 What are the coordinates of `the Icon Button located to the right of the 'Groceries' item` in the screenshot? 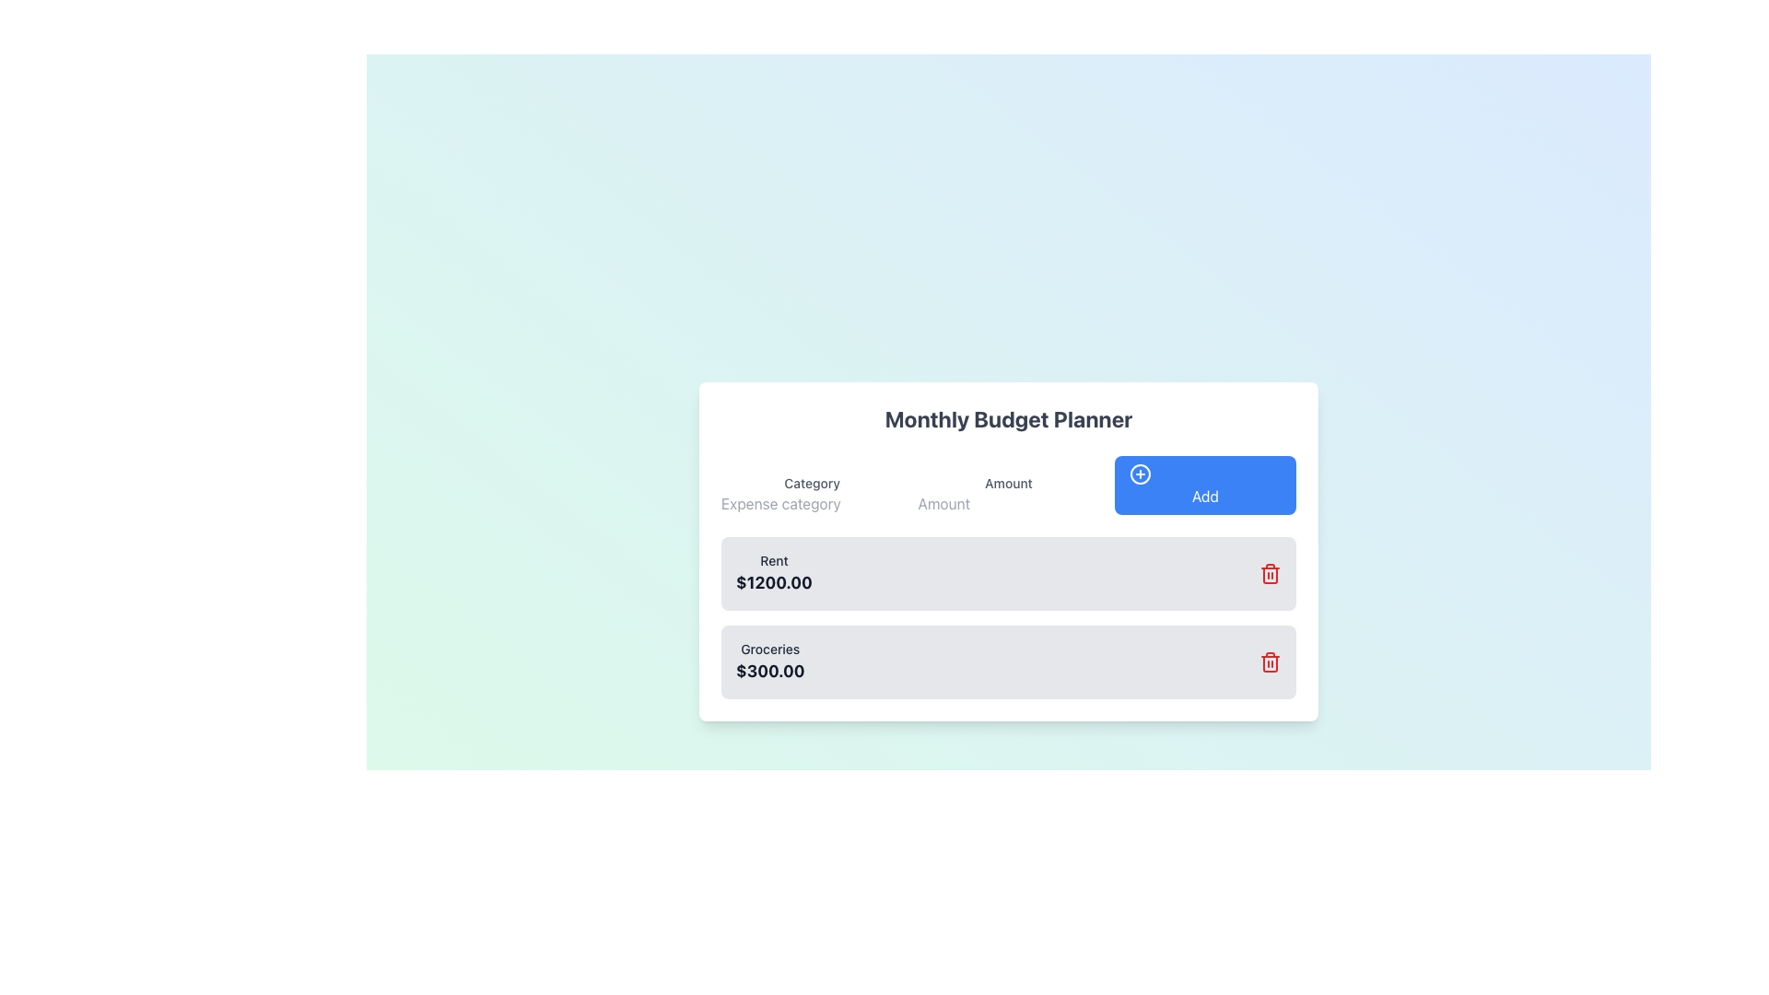 It's located at (1269, 661).